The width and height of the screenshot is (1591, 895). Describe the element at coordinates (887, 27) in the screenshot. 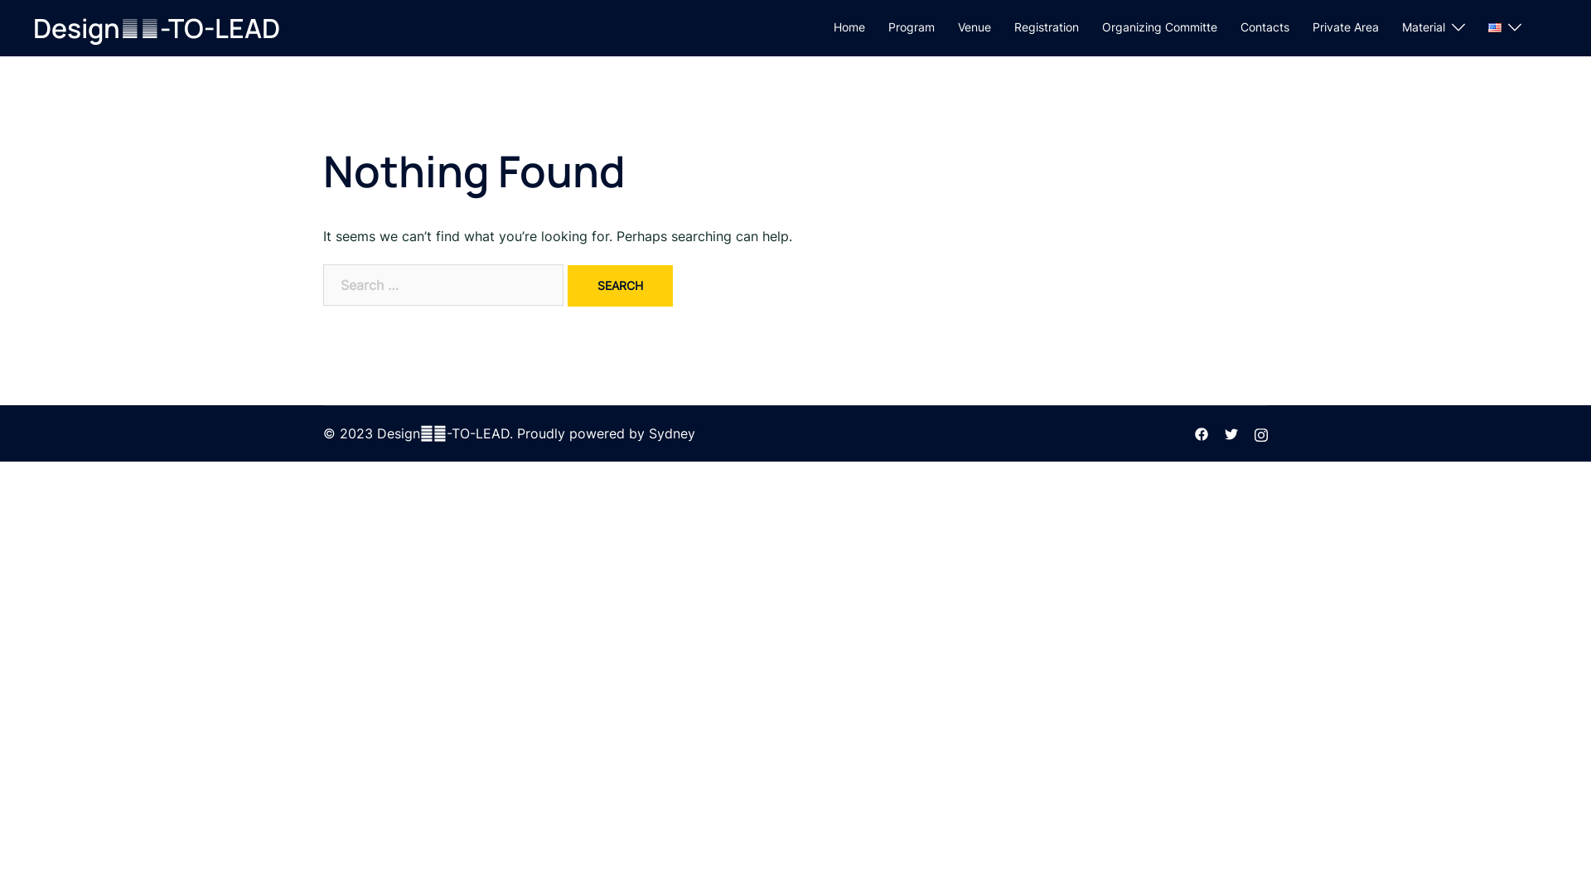

I see `'Program'` at that location.